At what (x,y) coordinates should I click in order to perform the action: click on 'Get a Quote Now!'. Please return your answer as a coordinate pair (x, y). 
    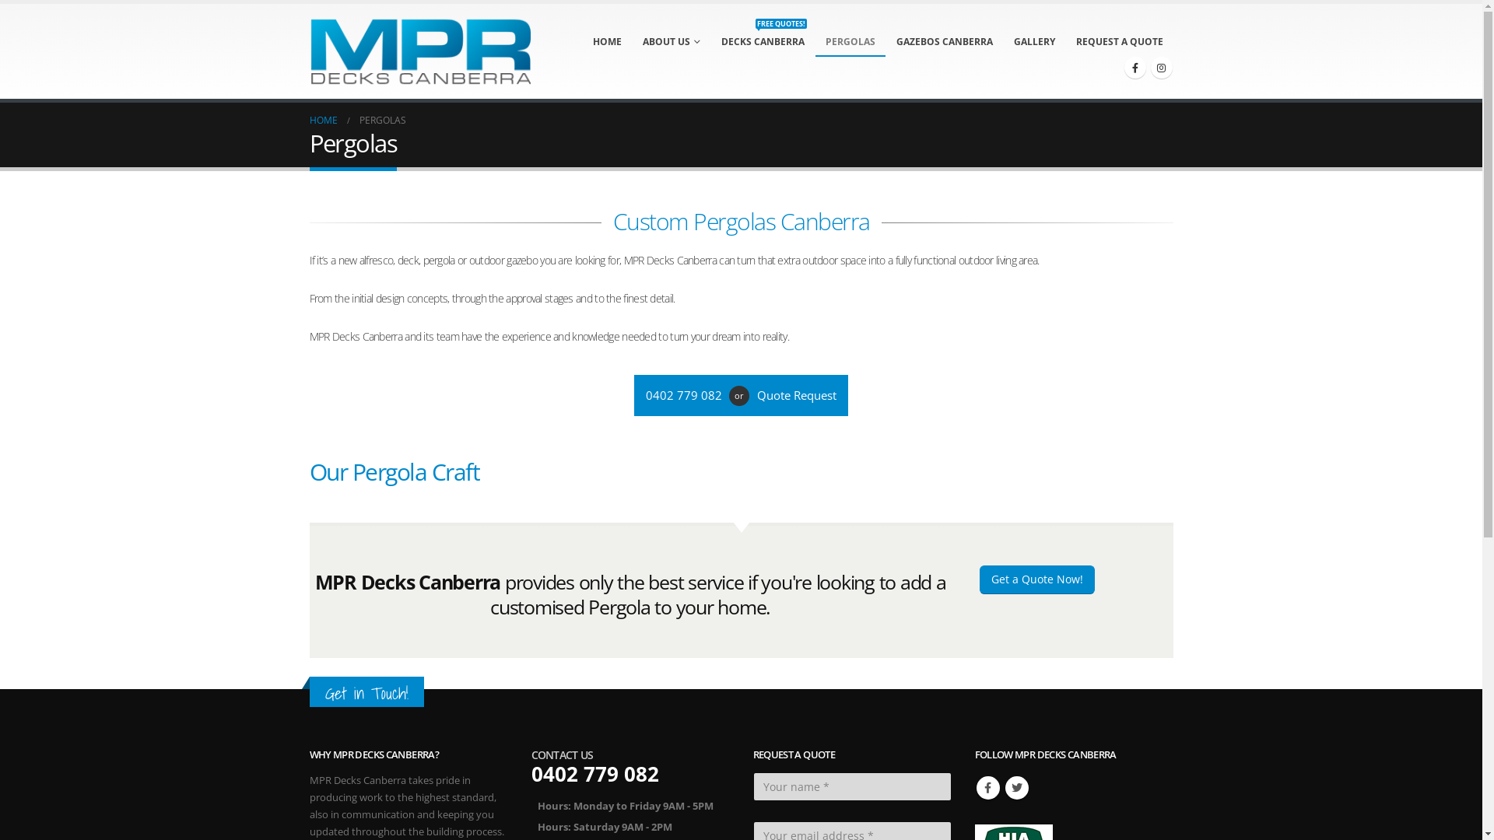
    Looking at the image, I should click on (1036, 579).